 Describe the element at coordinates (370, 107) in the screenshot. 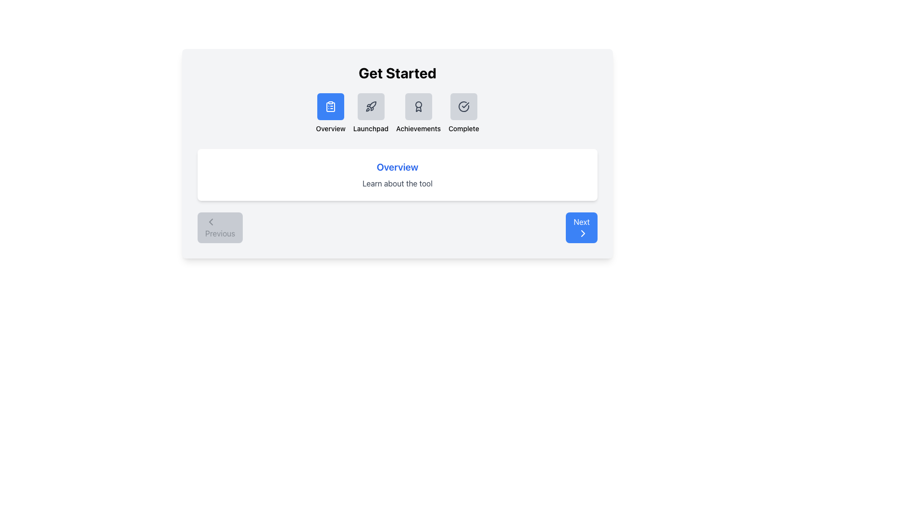

I see `the second icon in the horizontal navigation menu at the top of the main content area` at that location.